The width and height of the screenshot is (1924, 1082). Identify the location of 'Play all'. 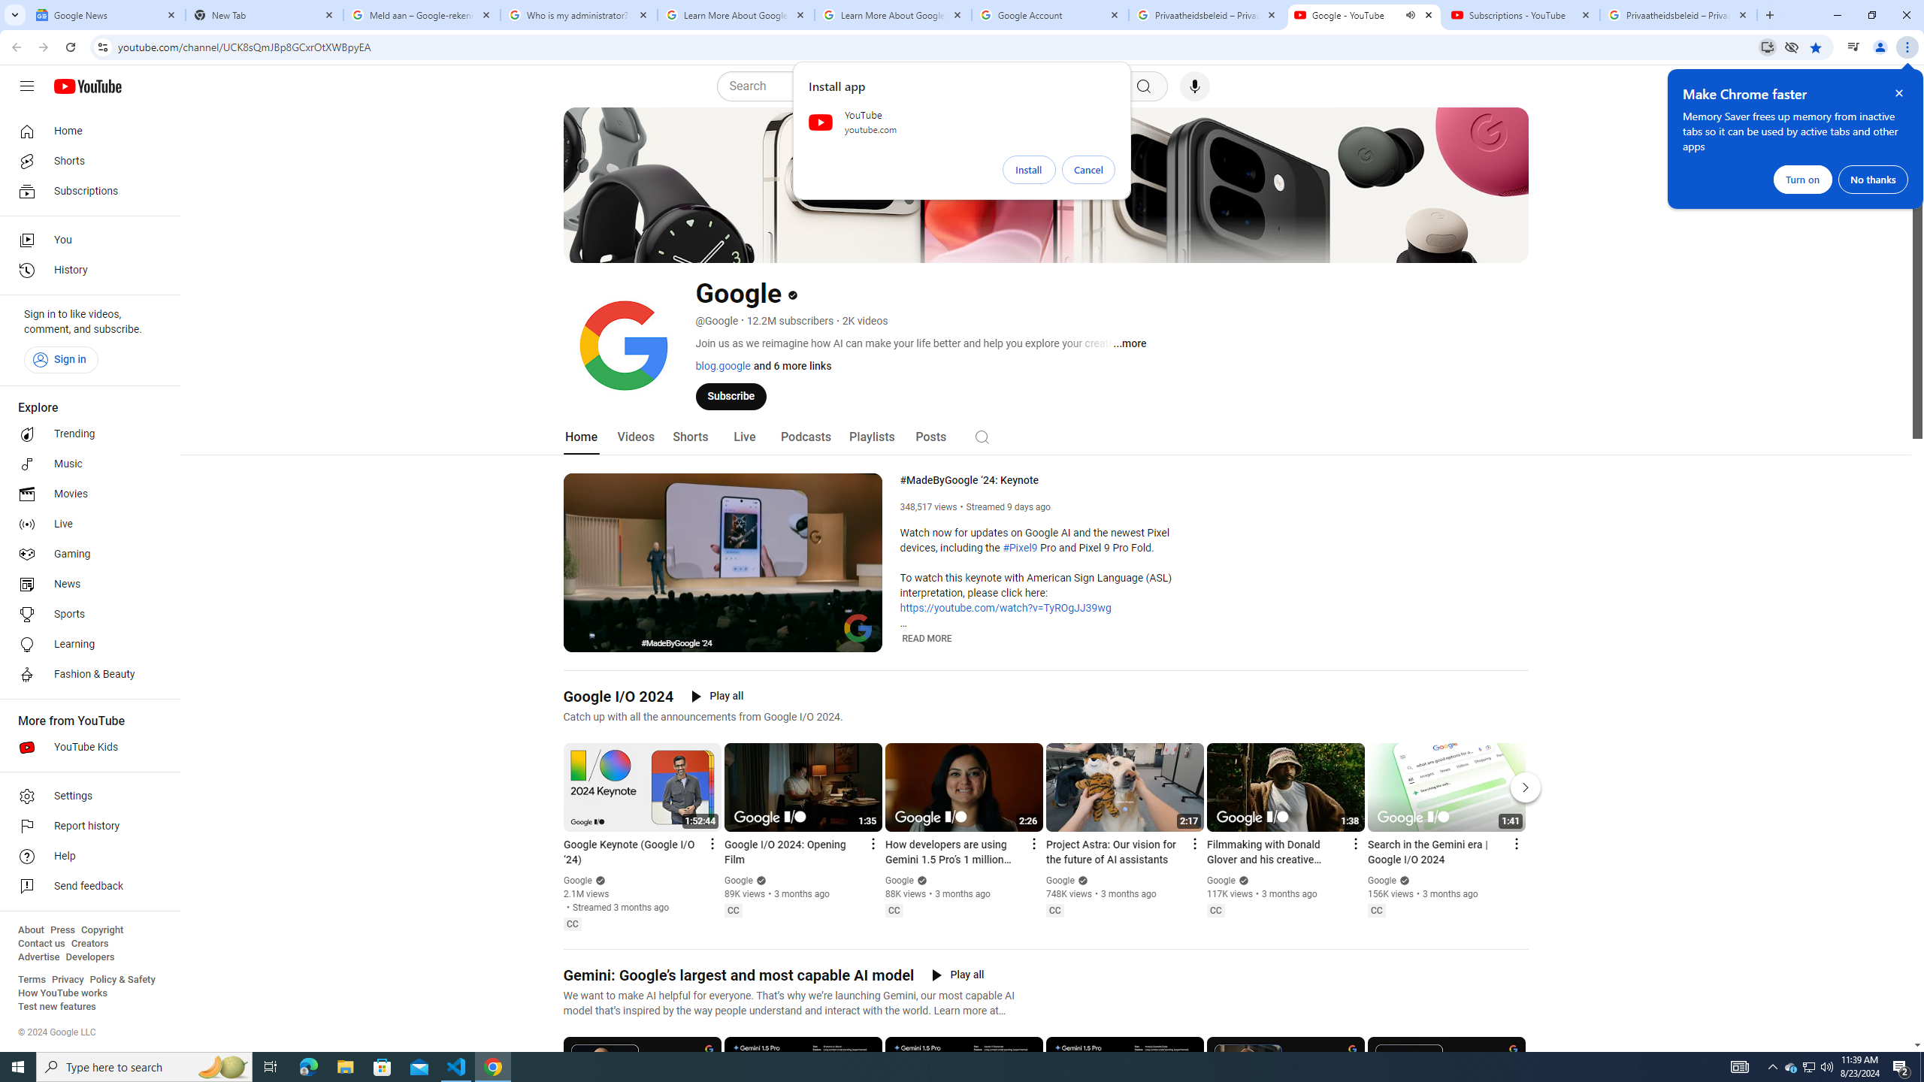
(957, 975).